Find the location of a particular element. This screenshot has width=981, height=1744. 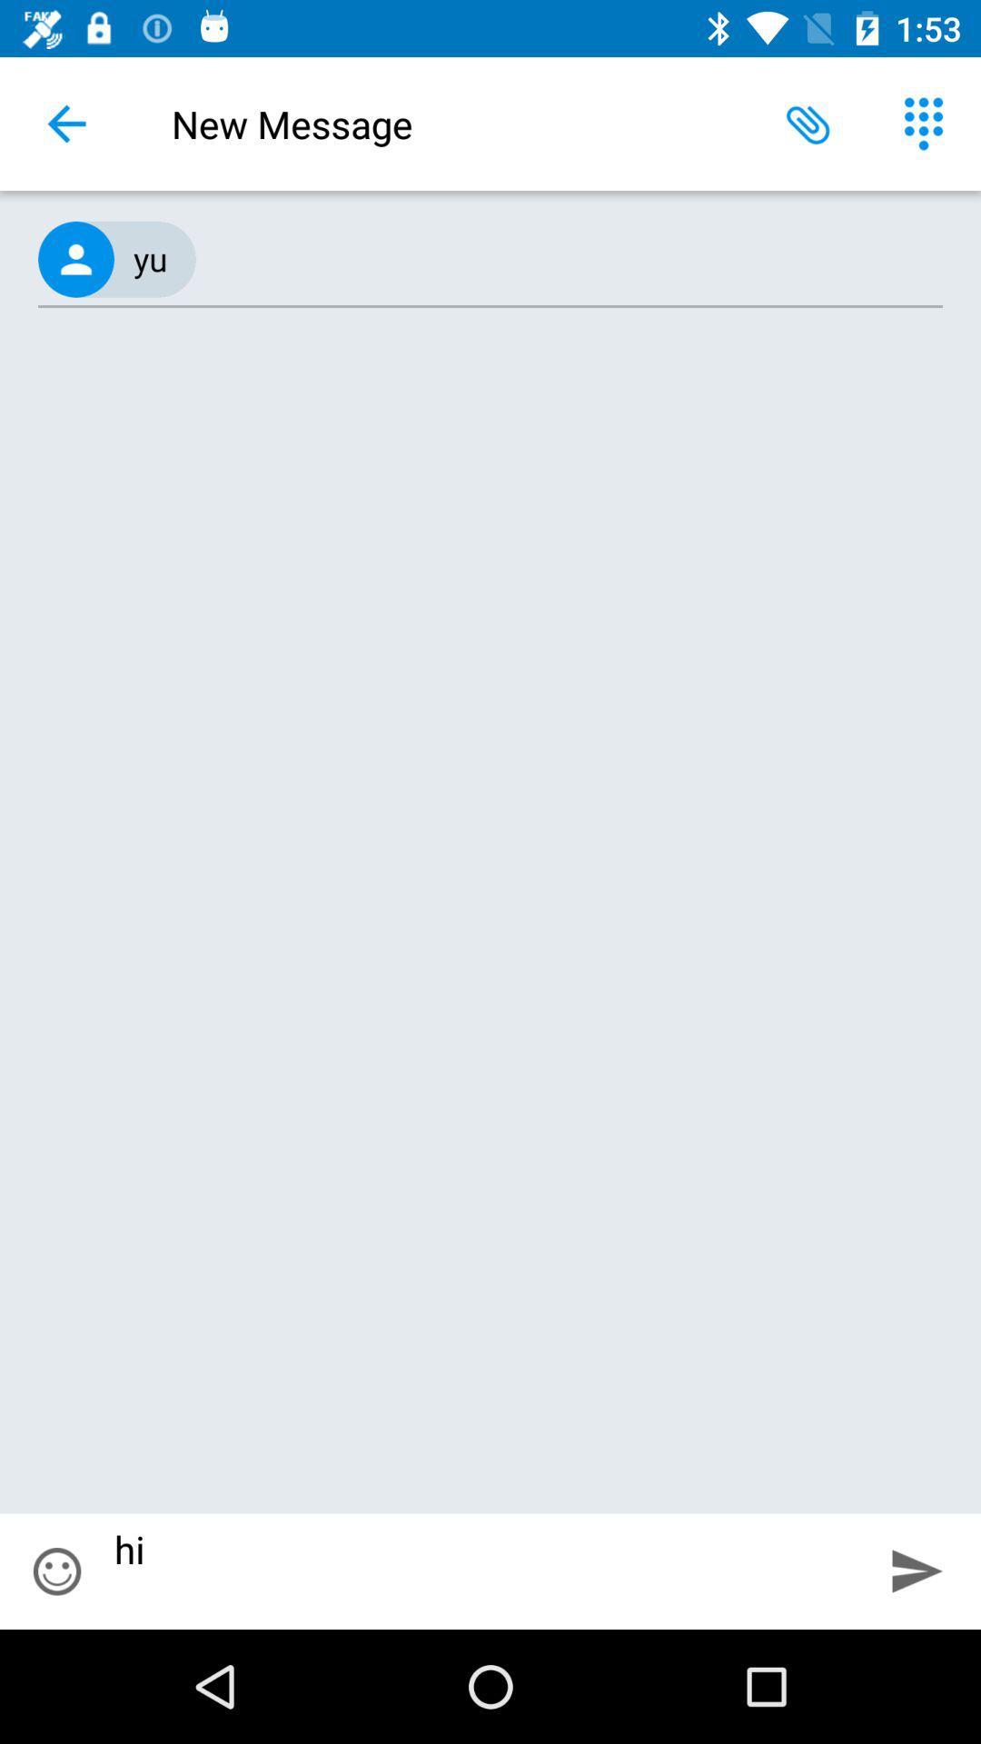

the item at the bottom right corner is located at coordinates (917, 1570).